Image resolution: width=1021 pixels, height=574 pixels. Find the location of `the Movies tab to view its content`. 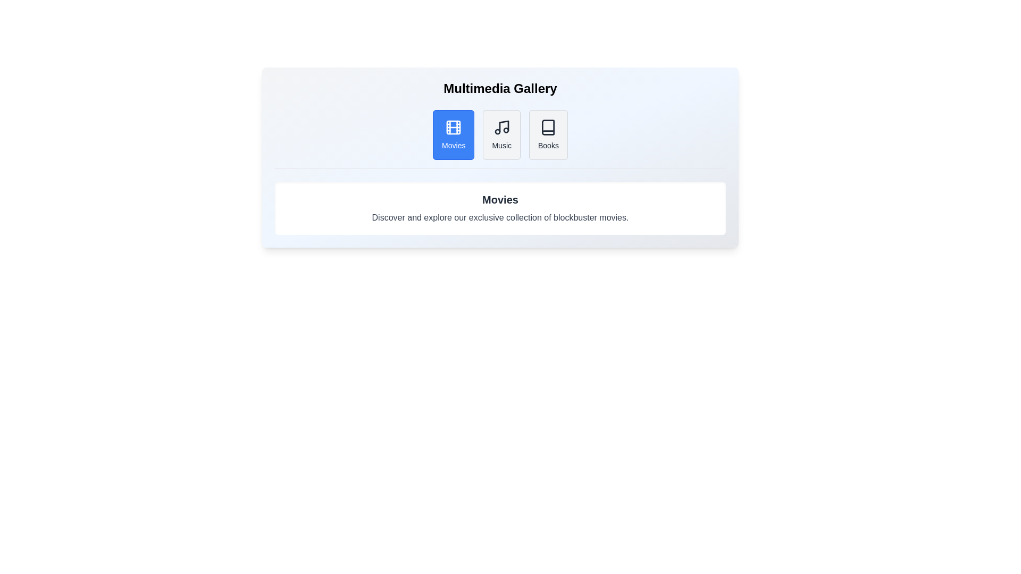

the Movies tab to view its content is located at coordinates (454, 134).